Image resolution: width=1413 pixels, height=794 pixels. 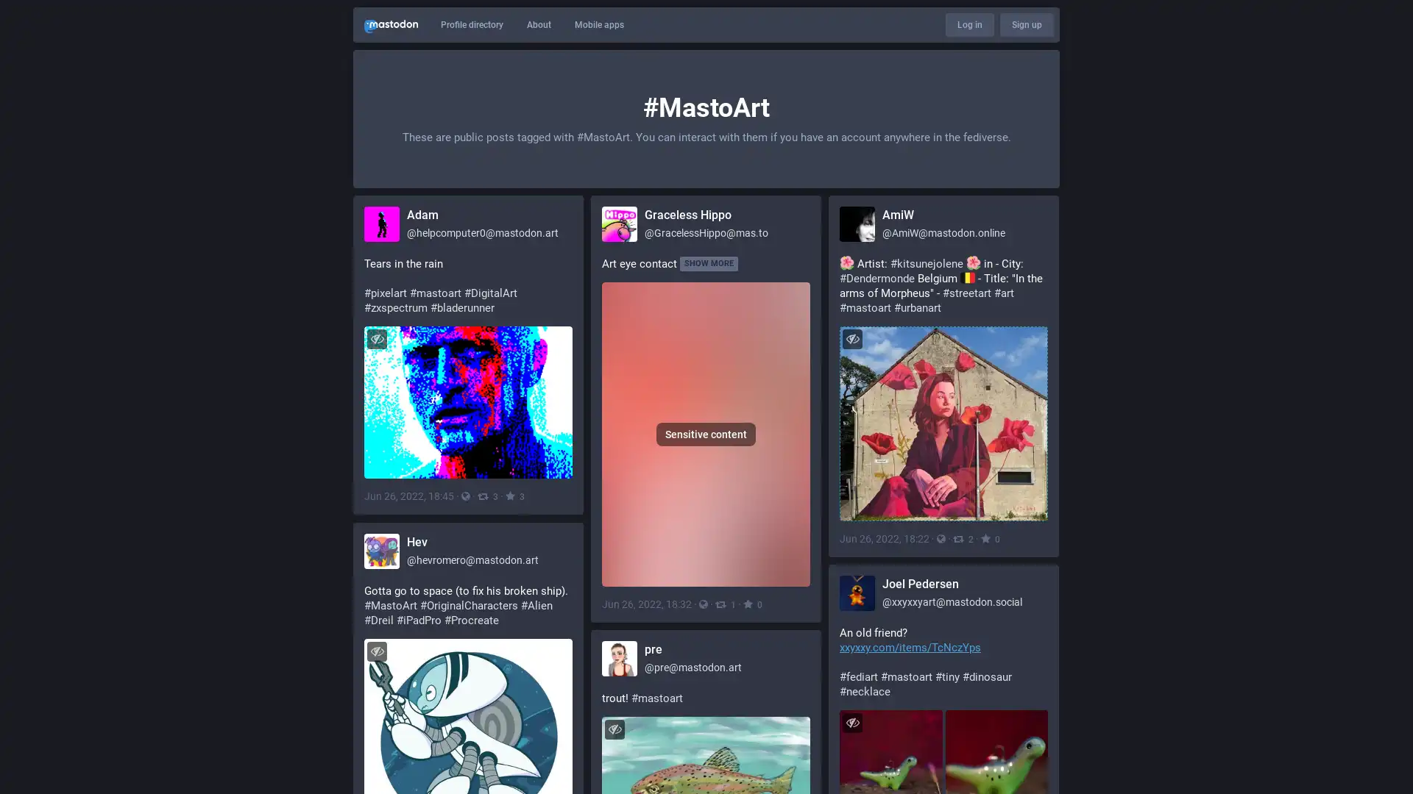 I want to click on Hide images, so click(x=852, y=726).